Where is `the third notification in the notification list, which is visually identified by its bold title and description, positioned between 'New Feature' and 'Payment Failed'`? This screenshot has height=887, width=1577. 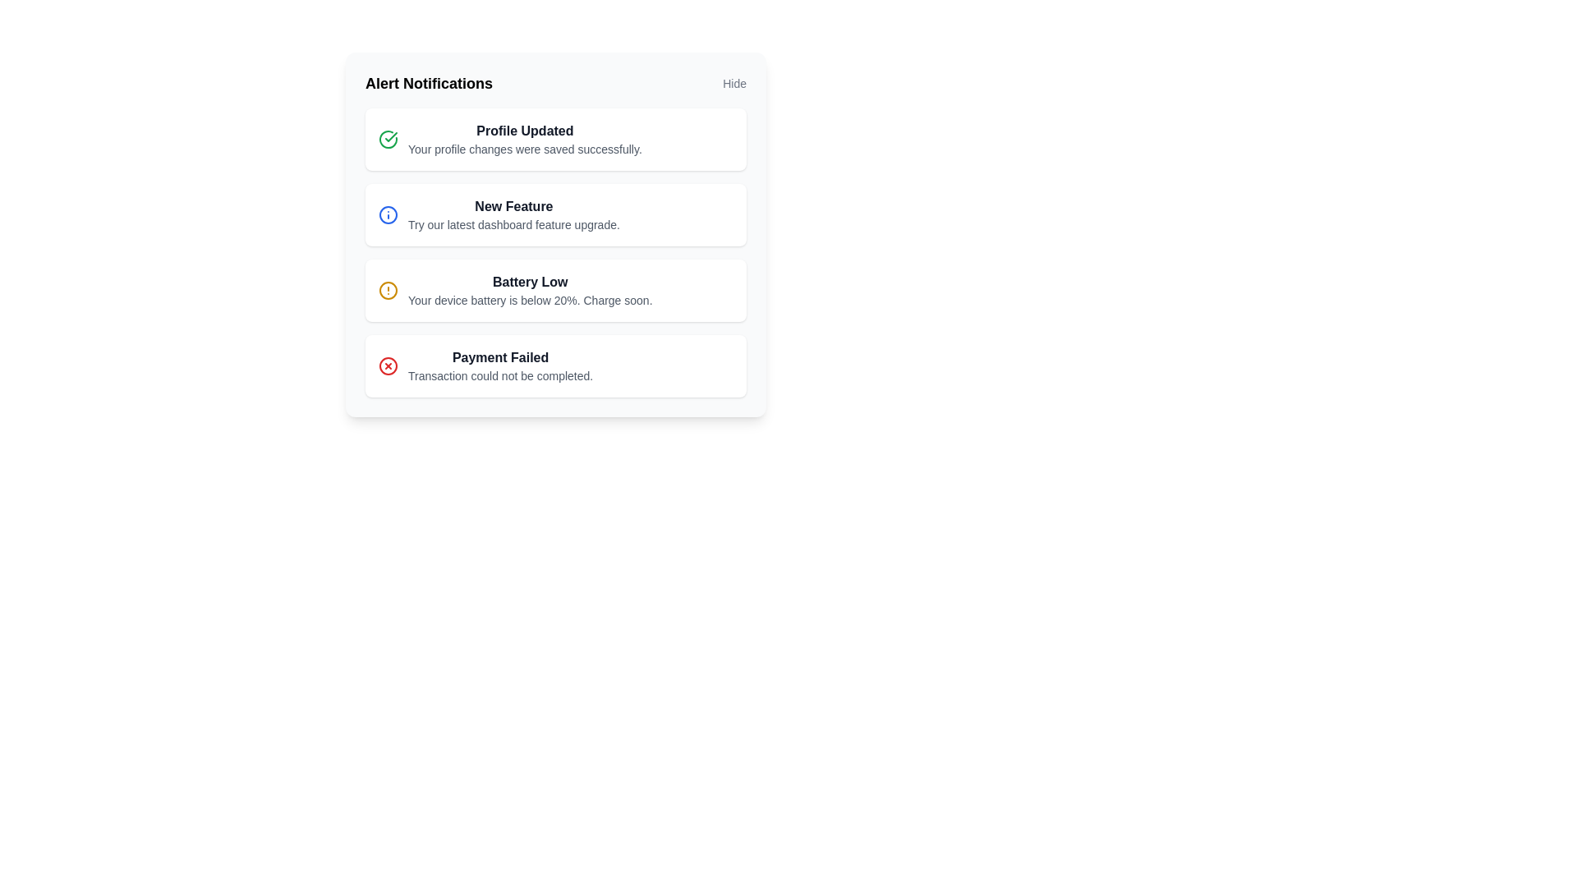 the third notification in the notification list, which is visually identified by its bold title and description, positioned between 'New Feature' and 'Payment Failed' is located at coordinates (555, 253).